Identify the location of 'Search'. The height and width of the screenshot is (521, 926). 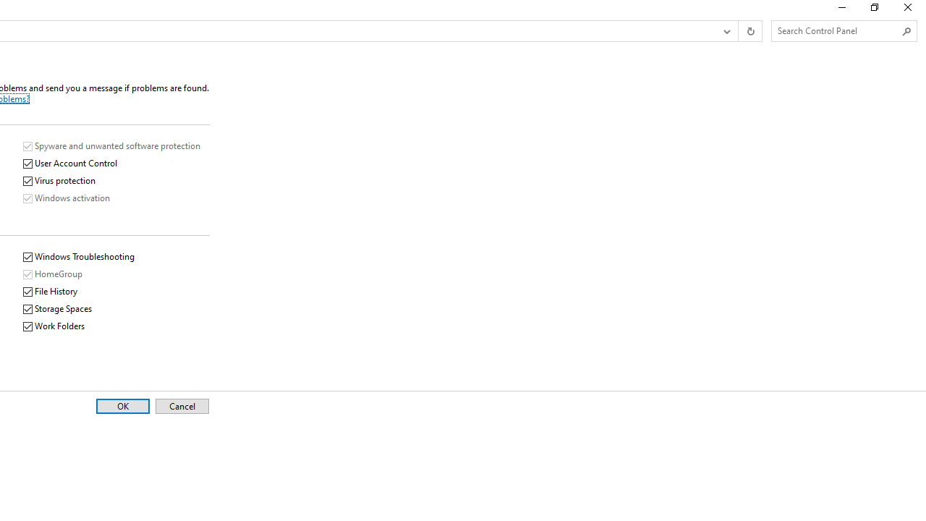
(906, 31).